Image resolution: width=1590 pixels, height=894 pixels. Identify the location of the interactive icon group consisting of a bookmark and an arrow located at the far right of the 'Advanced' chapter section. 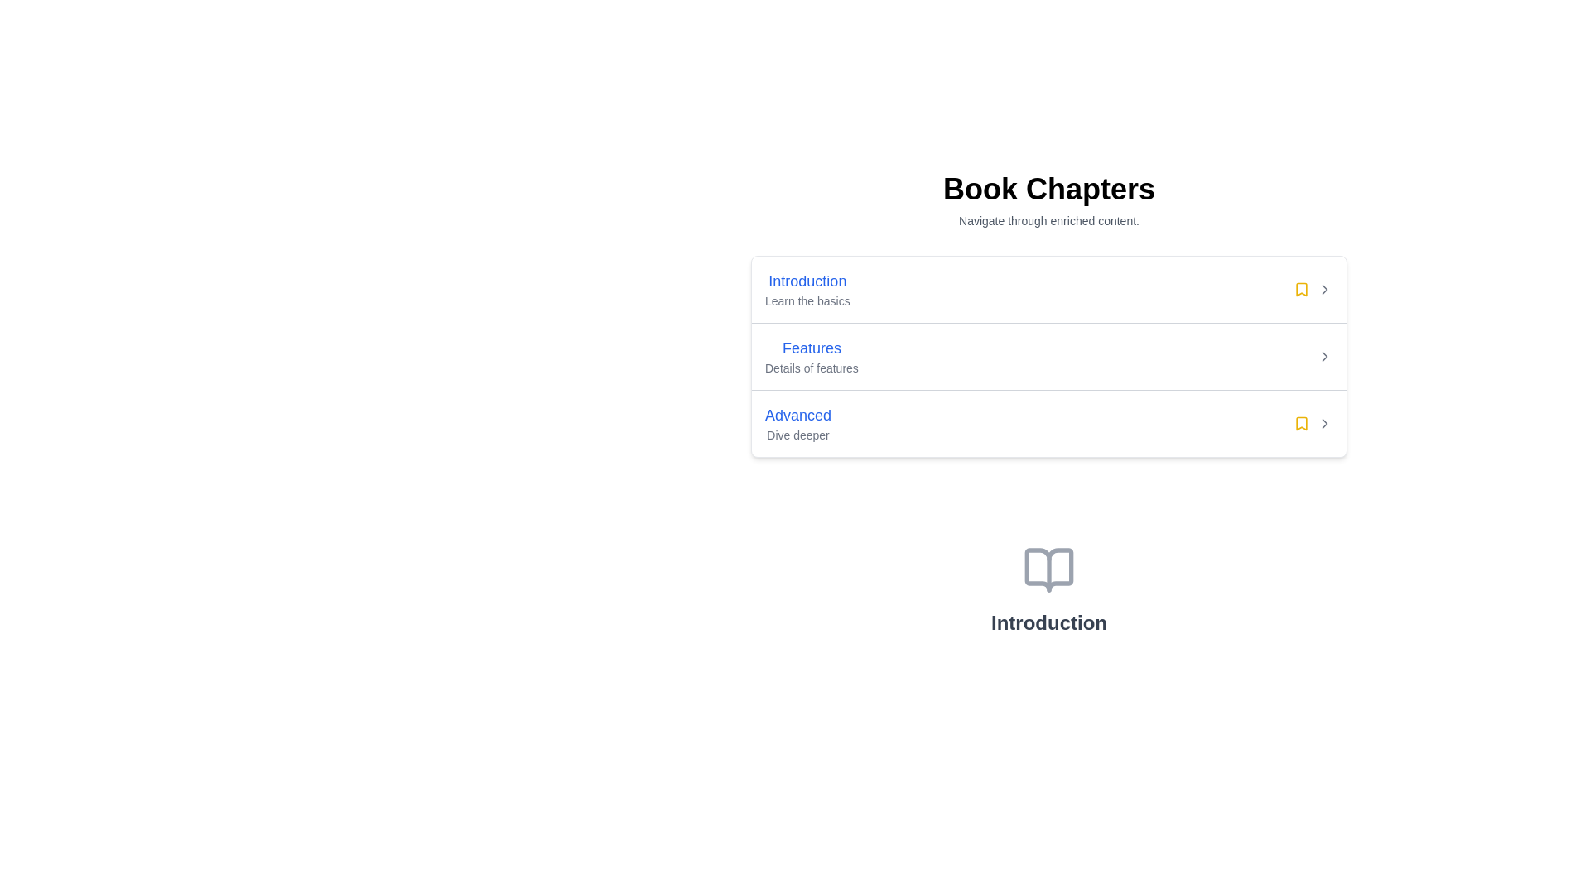
(1312, 423).